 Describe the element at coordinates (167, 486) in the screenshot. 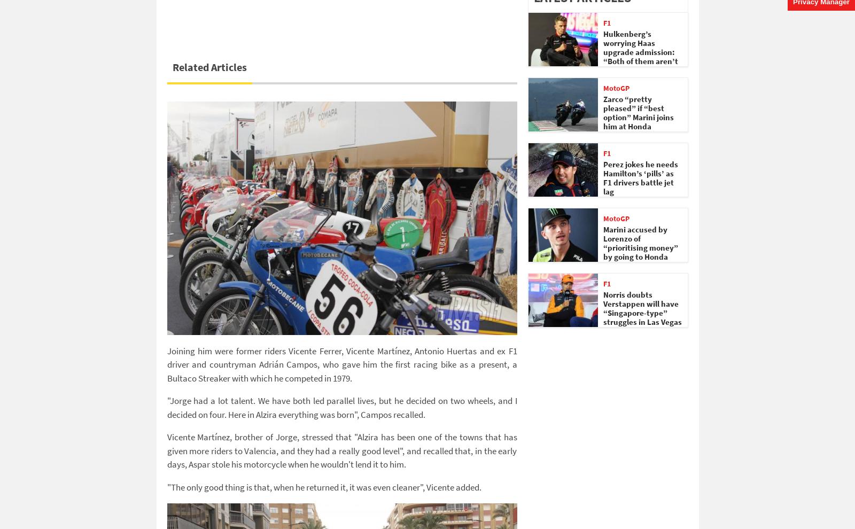

I see `'"The only good thing is that, when he returned it, it was even cleaner", Vicente added.'` at that location.